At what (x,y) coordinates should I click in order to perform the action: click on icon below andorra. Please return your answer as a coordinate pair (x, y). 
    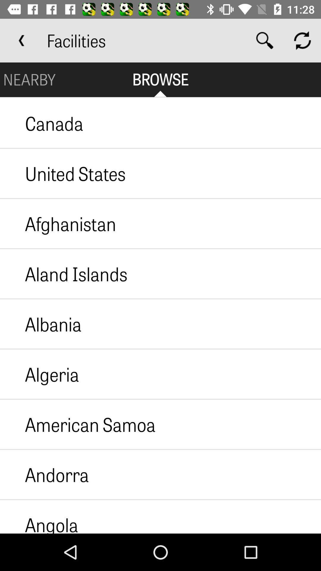
    Looking at the image, I should click on (39, 516).